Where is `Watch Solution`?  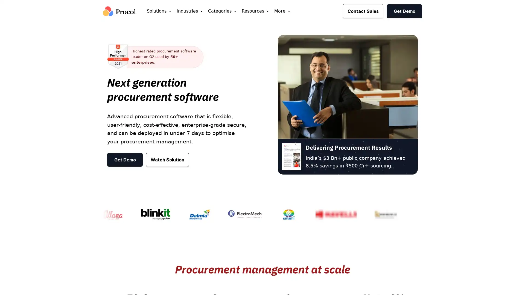 Watch Solution is located at coordinates (167, 159).